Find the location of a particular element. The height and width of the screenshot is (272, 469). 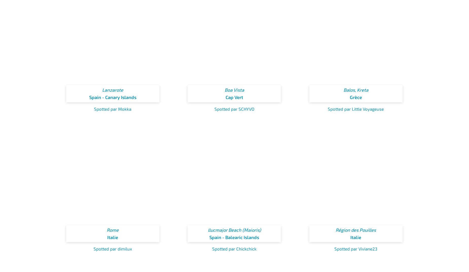

'Spotted par Chickchick' is located at coordinates (234, 248).